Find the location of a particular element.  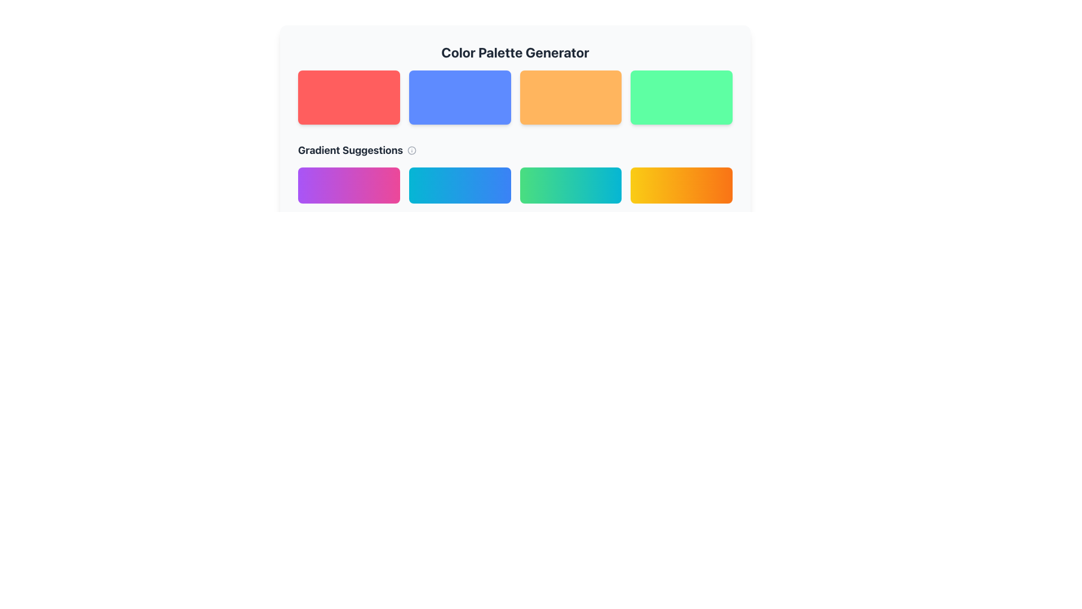

the vibrant red selectable color swatch located at the top left of the color palette grid is located at coordinates (348, 97).